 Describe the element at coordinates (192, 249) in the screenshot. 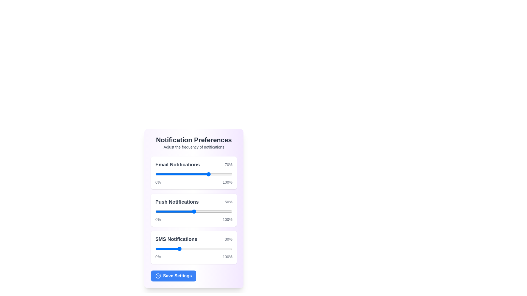

I see `the SMS Notifications slider` at that location.